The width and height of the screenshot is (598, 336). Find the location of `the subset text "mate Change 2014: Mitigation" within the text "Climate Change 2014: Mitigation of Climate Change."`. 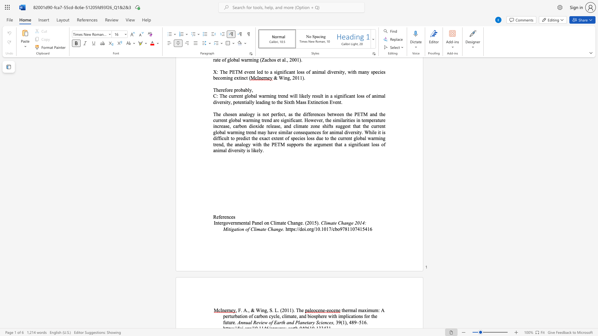

the subset text "mate Change 2014: Mitigation" within the text "Climate Change 2014: Mitigation of Climate Change." is located at coordinates (327, 222).